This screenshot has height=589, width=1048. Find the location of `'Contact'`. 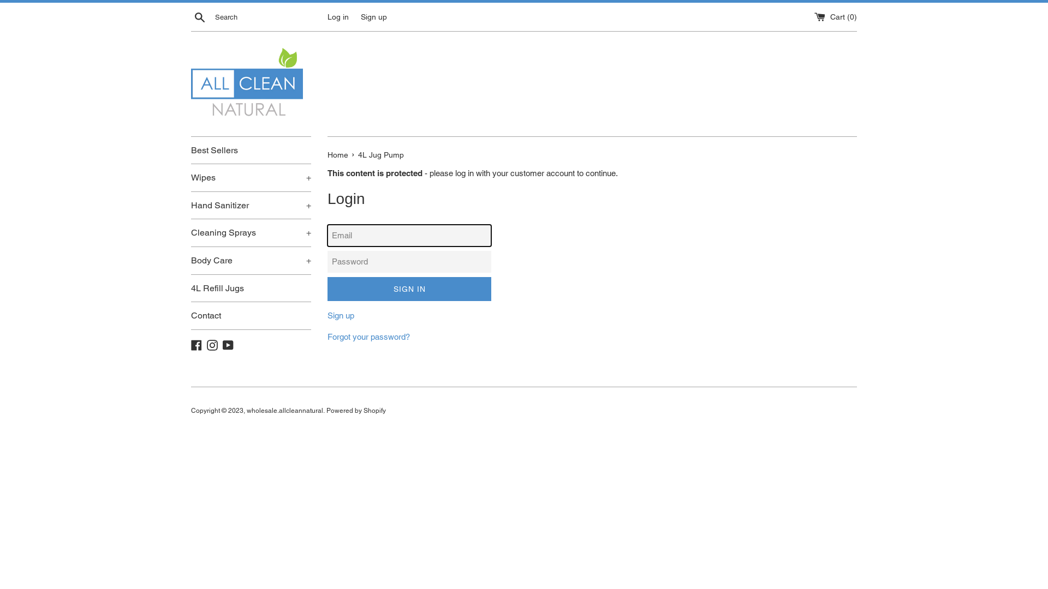

'Contact' is located at coordinates (251, 315).